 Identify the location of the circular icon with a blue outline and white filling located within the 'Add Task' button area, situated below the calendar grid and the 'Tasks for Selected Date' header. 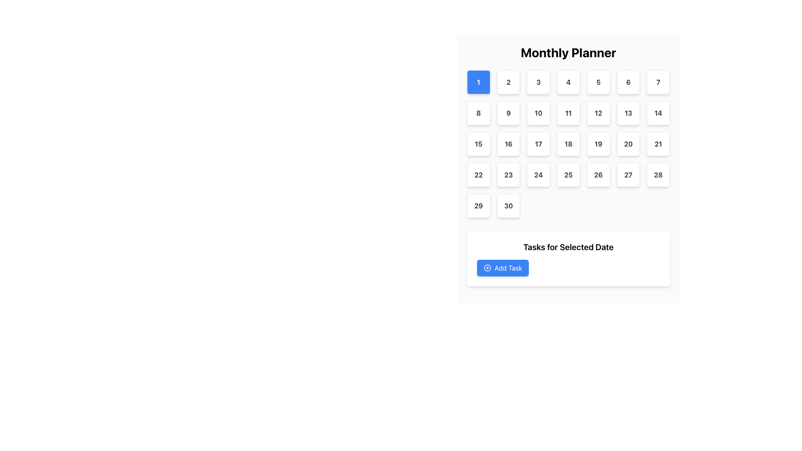
(487, 268).